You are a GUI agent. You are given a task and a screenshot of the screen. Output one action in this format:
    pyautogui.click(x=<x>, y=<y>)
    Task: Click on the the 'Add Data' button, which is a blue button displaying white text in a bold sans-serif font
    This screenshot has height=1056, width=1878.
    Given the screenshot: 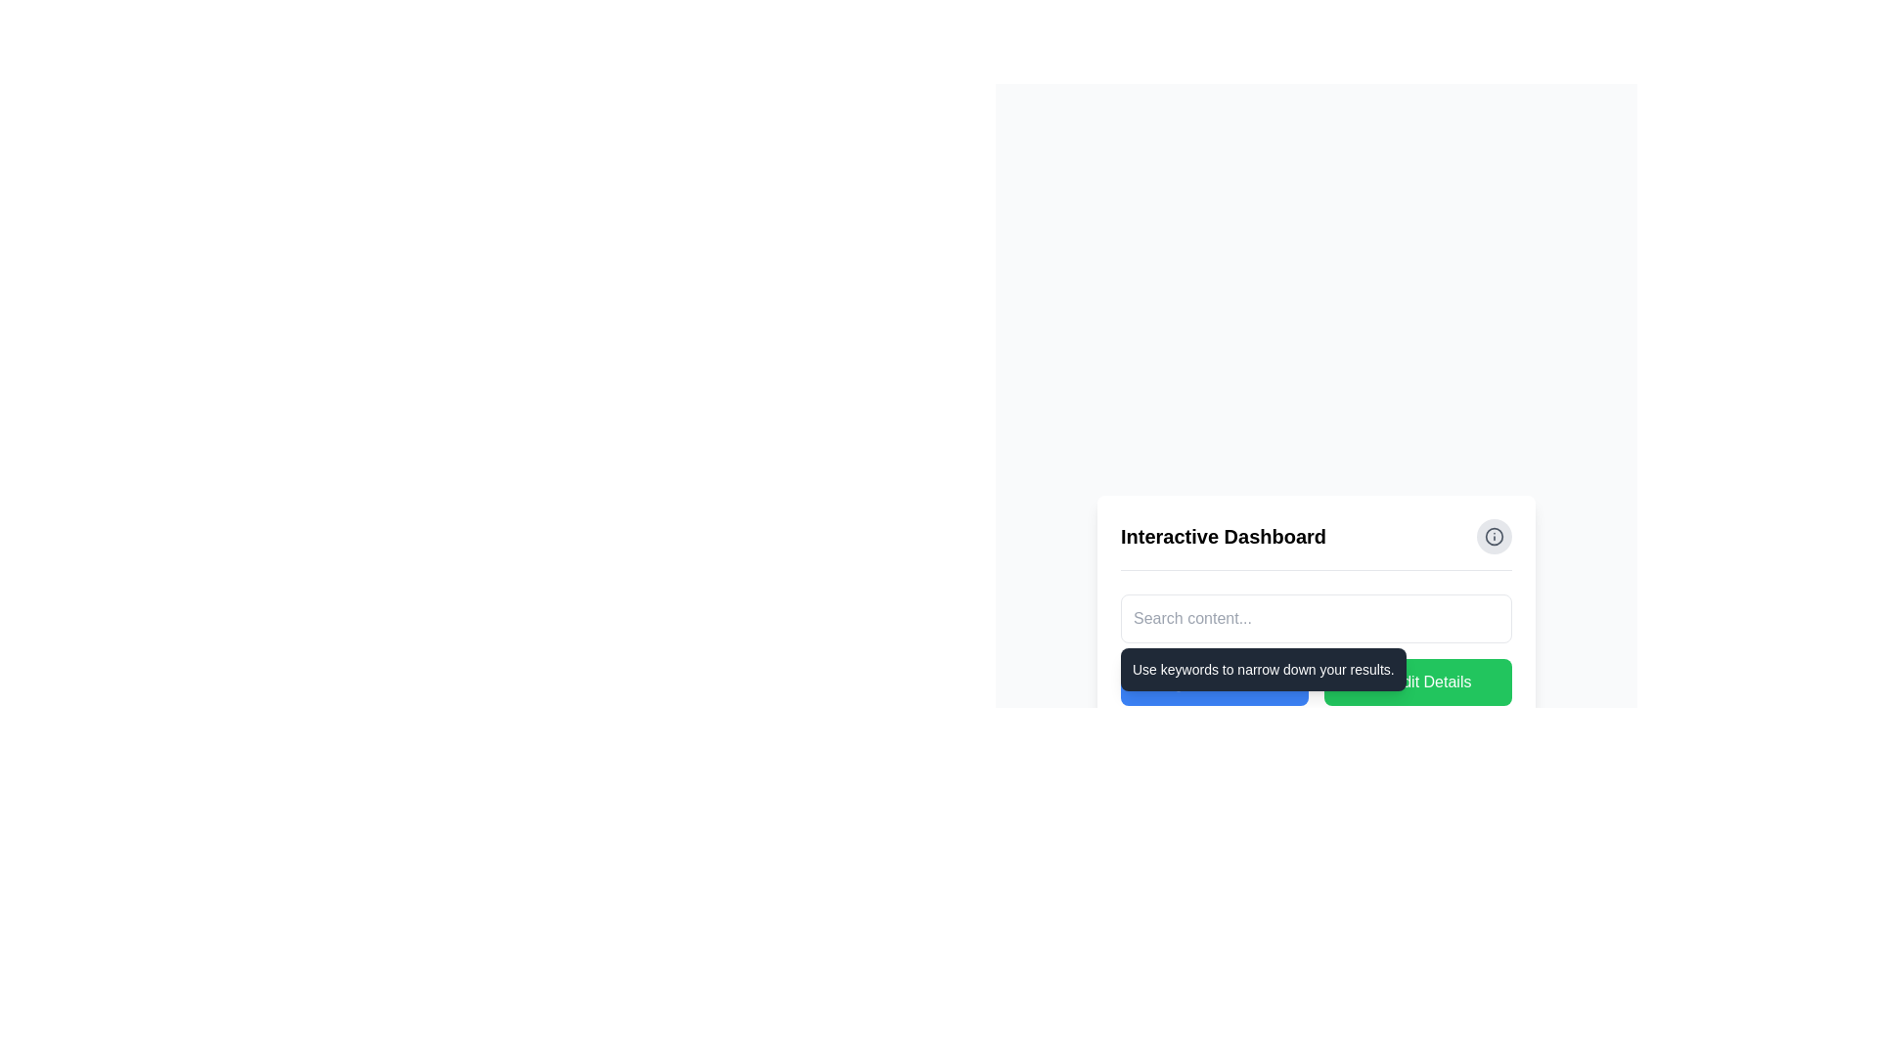 What is the action you would take?
    pyautogui.click(x=1228, y=681)
    